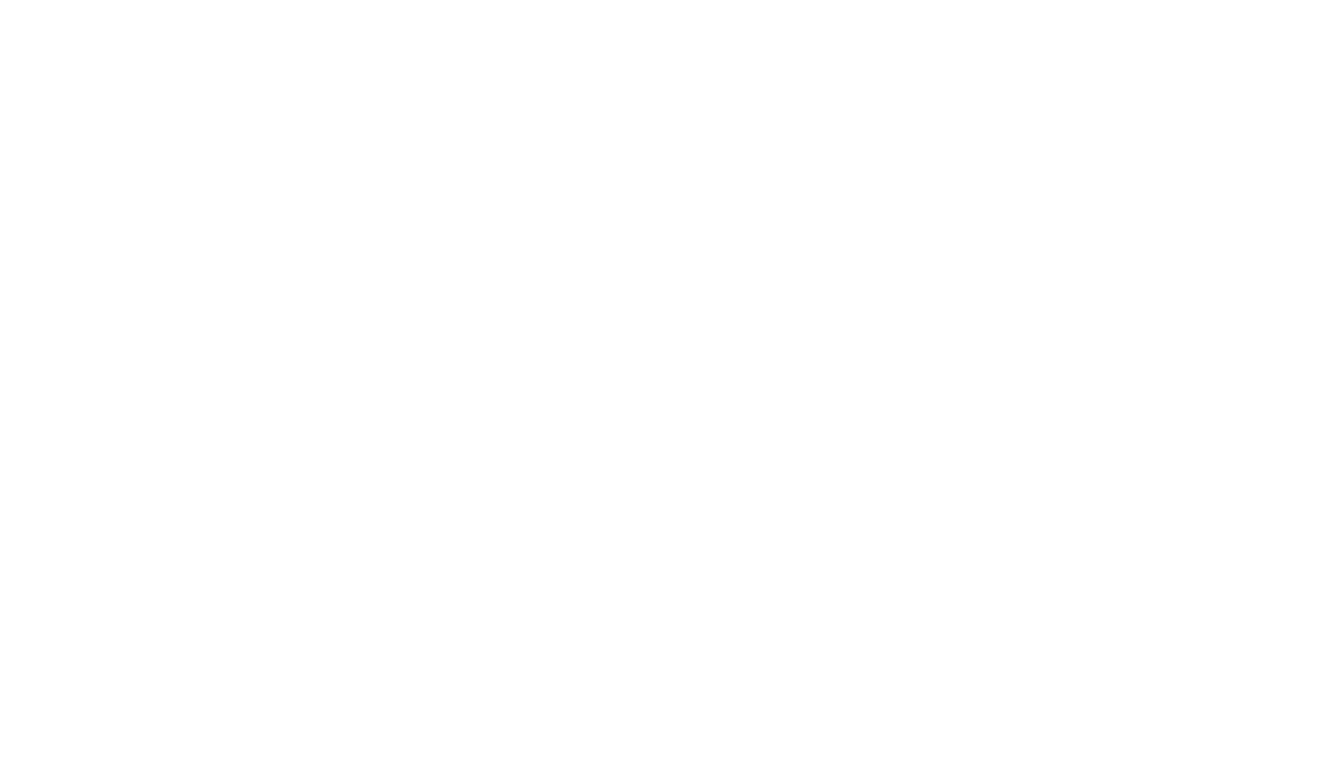 The image size is (1340, 770). What do you see at coordinates (575, 446) in the screenshot?
I see `'Toll Free:'` at bounding box center [575, 446].